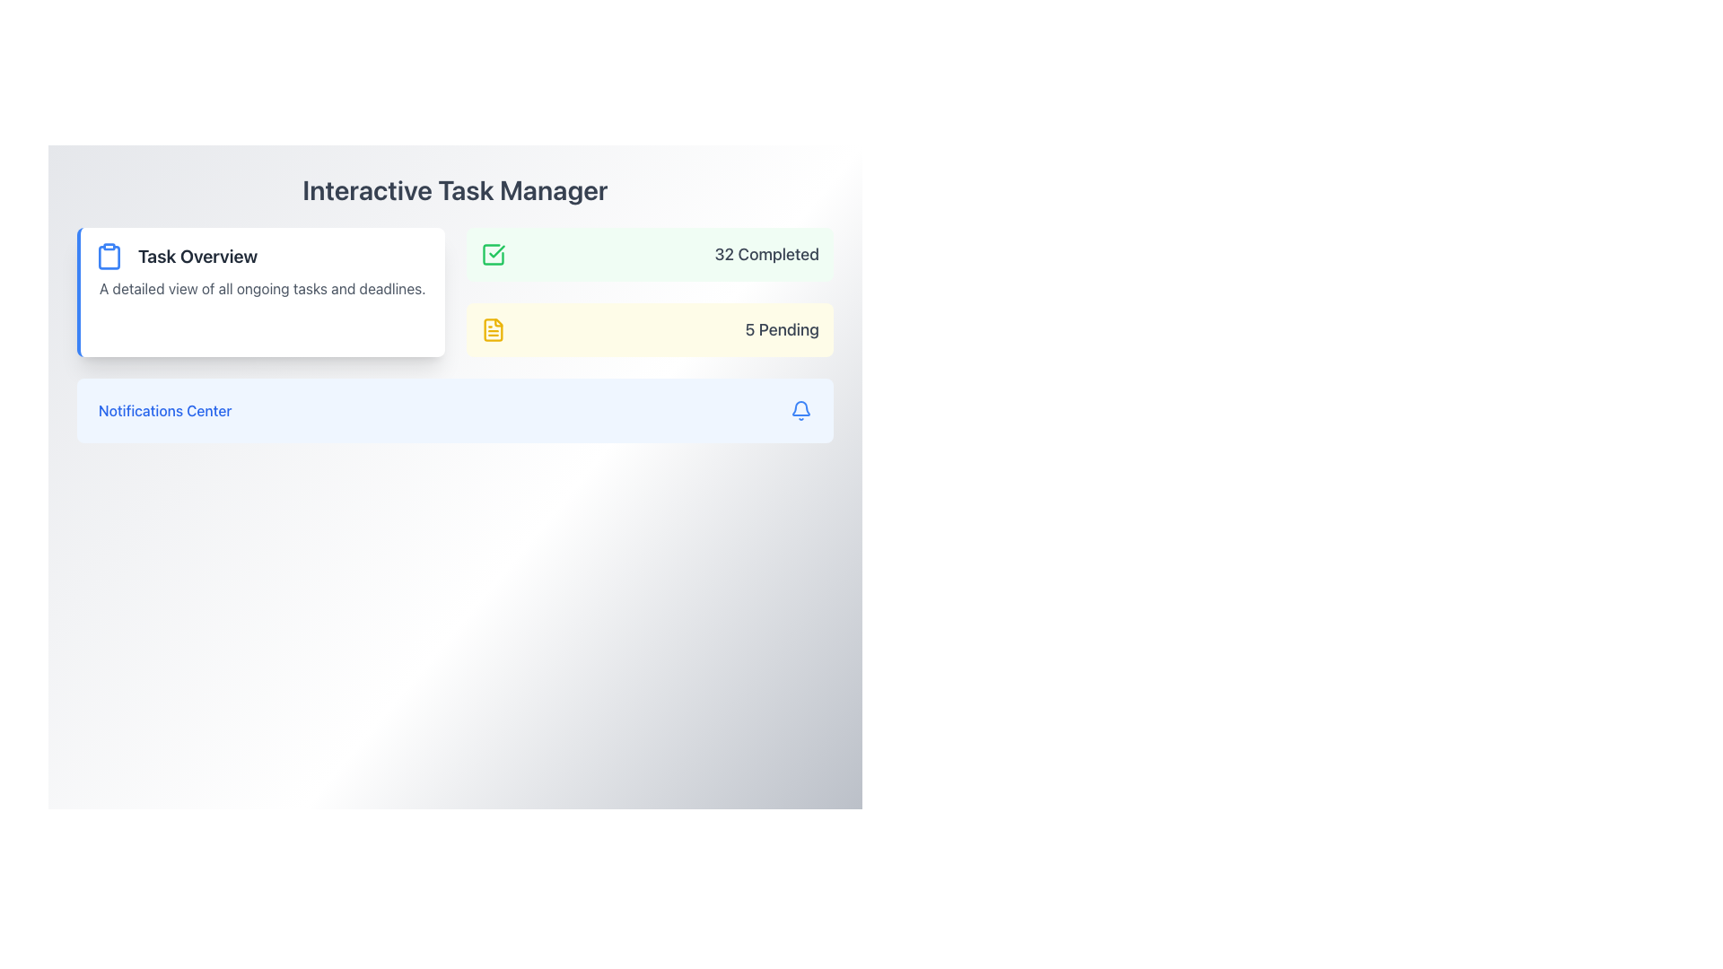  Describe the element at coordinates (493, 255) in the screenshot. I see `the informational 'completed' status icon located to the left of the text '32 Completed' in the horizontal bar under the 'Interactive Task Manager' header` at that location.